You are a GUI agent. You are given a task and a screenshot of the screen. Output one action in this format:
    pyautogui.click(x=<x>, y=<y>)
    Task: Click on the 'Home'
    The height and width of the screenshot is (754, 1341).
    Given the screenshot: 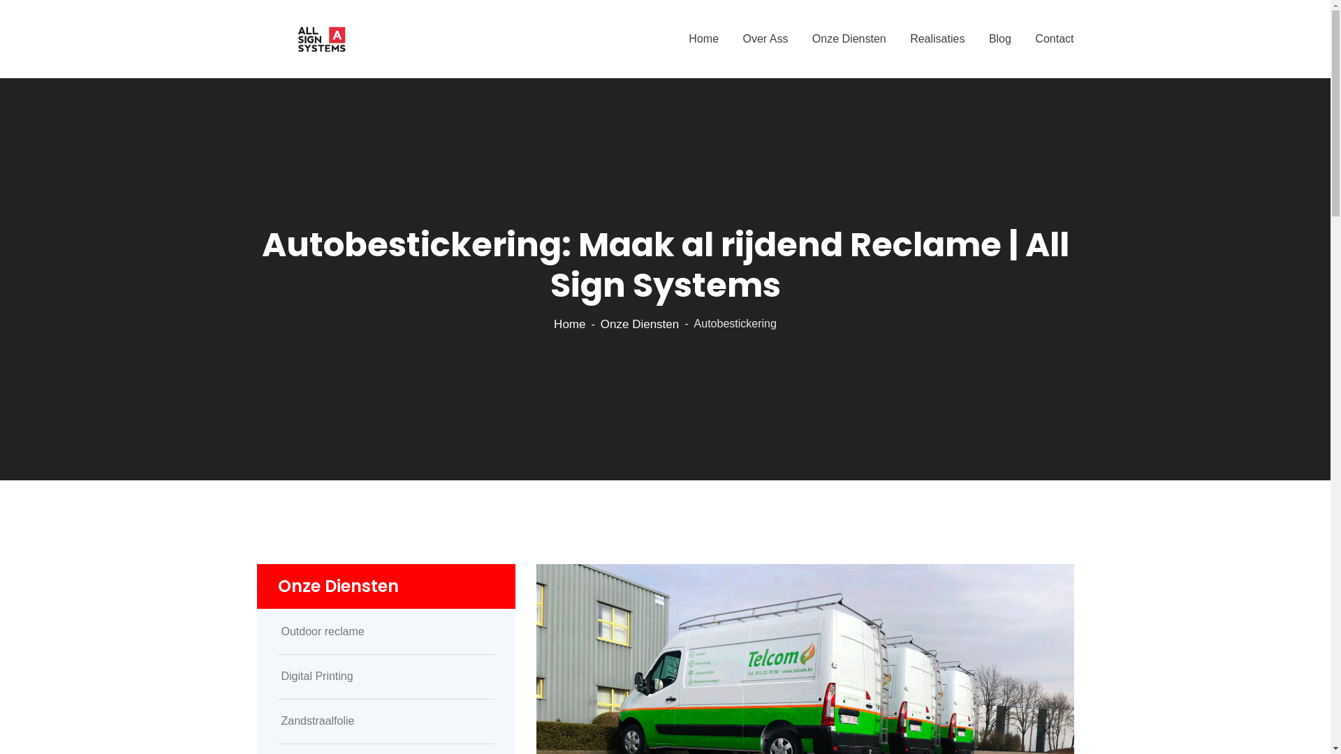 What is the action you would take?
    pyautogui.click(x=569, y=324)
    